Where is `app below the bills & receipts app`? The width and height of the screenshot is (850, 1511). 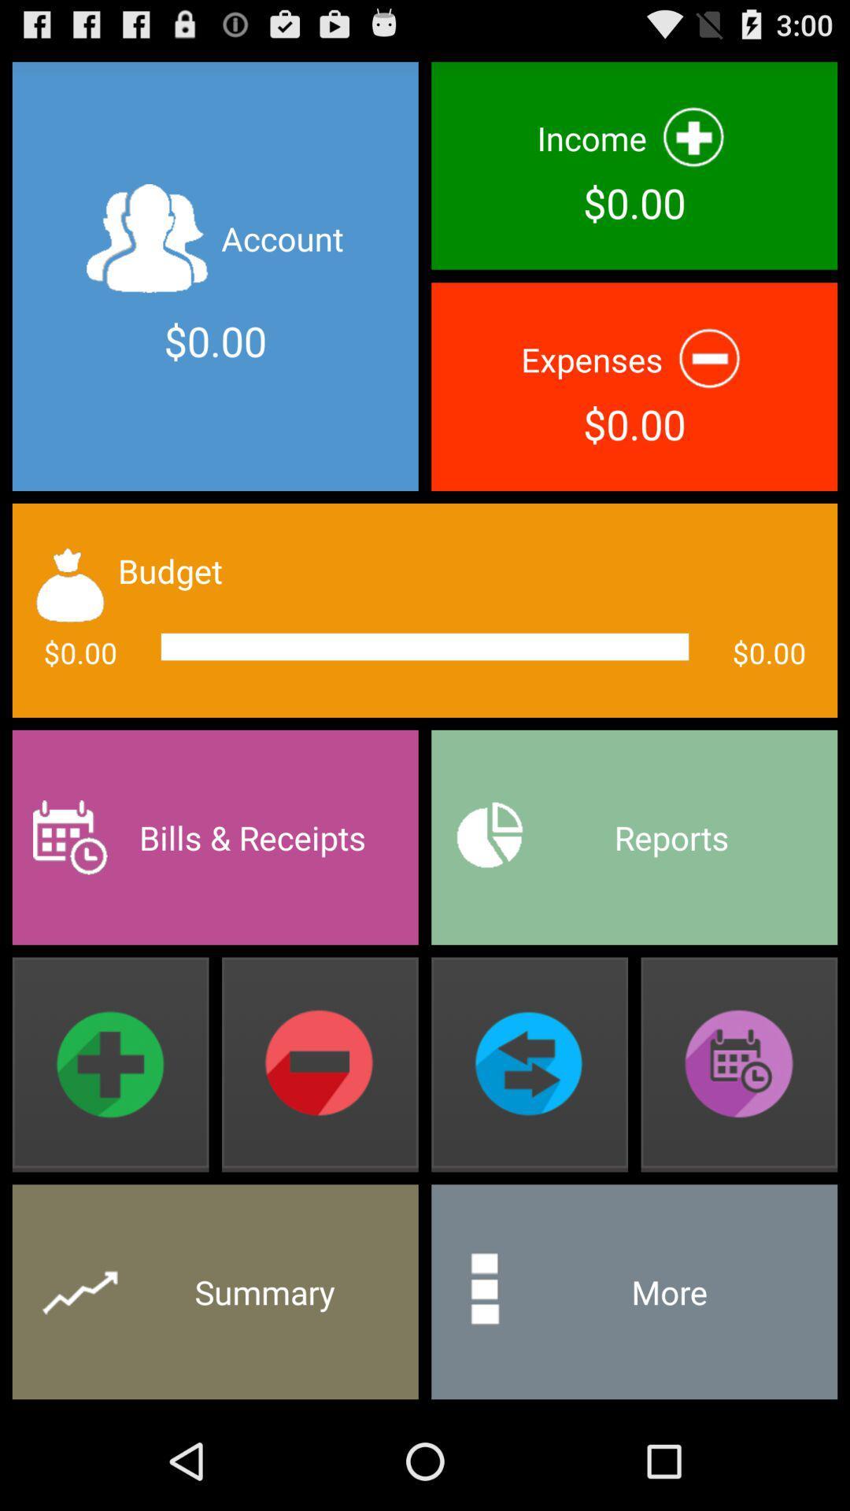 app below the bills & receipts app is located at coordinates (109, 1065).